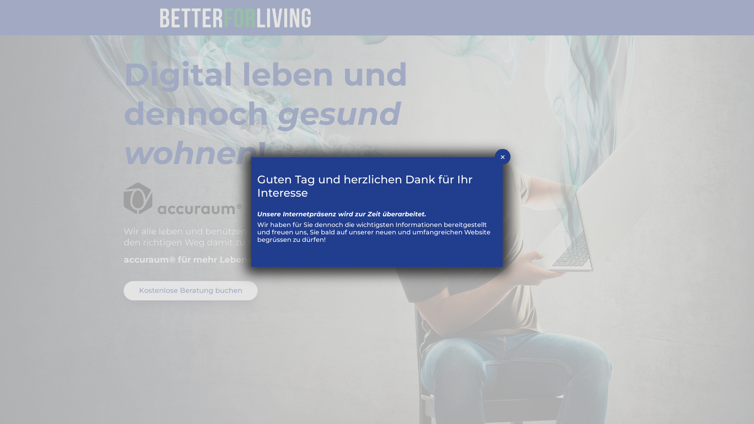 The width and height of the screenshot is (754, 424). Describe the element at coordinates (190, 291) in the screenshot. I see `'Kostenlose Beratung buchen'` at that location.